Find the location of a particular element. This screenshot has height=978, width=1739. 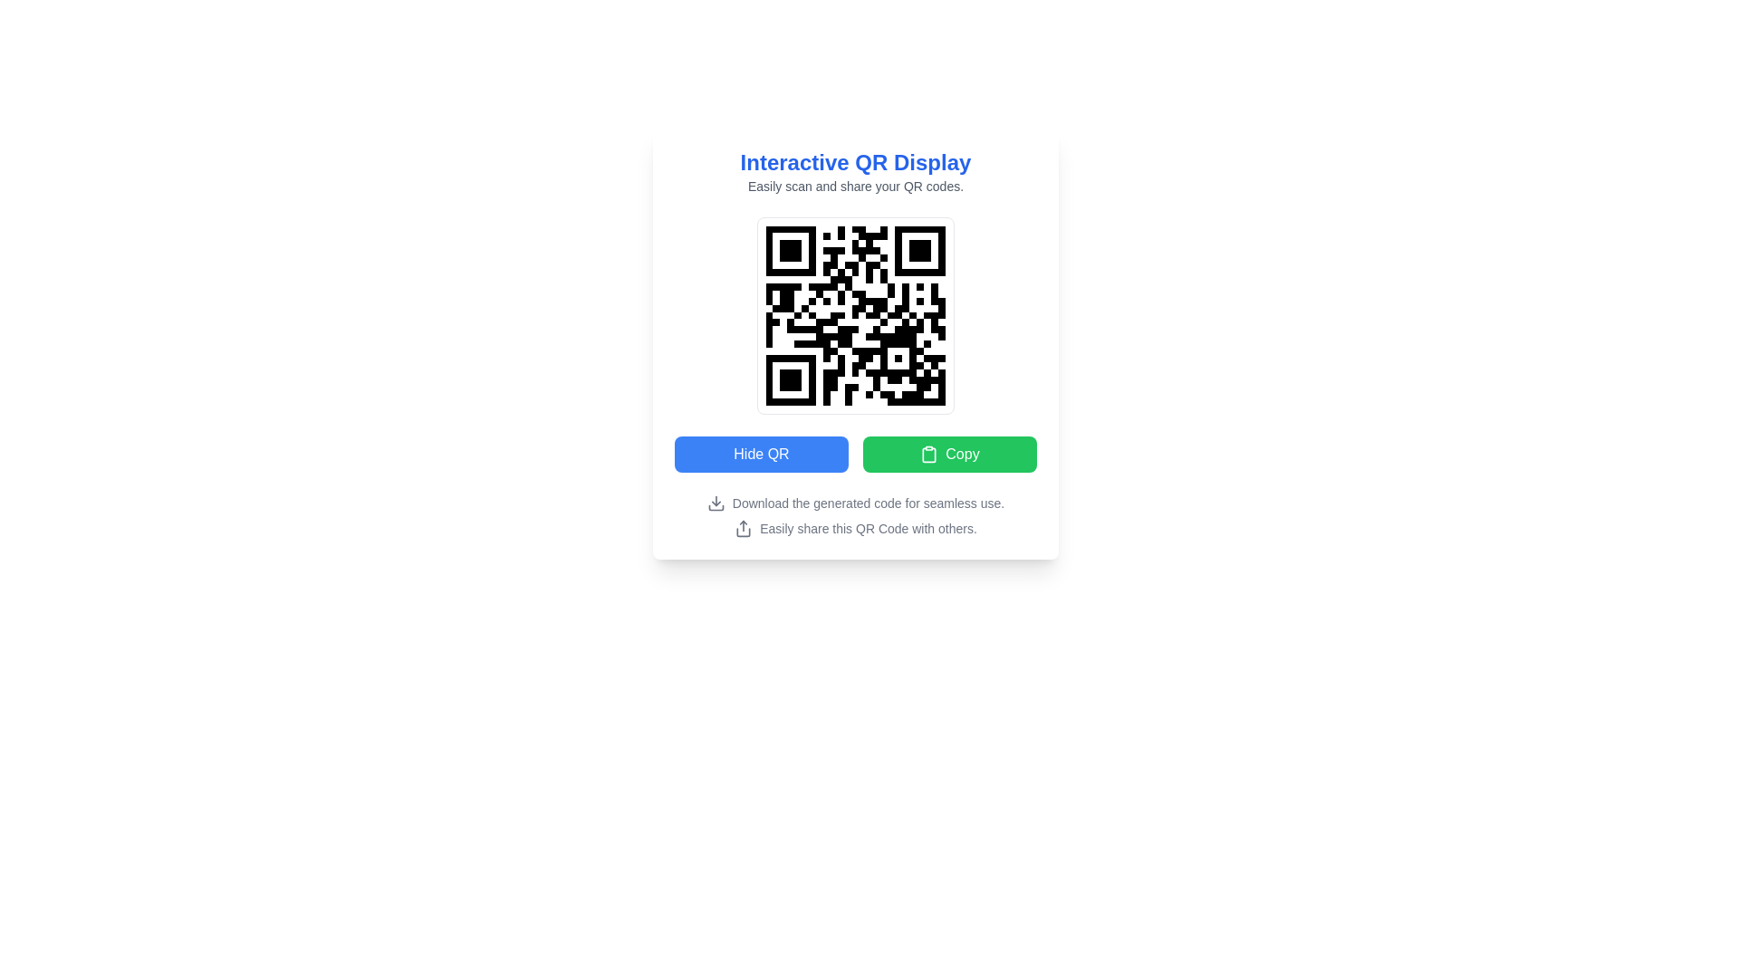

the text content section that contains an upward-pointing arrow icon and the text 'Easily share this QR Code with others.' is located at coordinates (855, 528).